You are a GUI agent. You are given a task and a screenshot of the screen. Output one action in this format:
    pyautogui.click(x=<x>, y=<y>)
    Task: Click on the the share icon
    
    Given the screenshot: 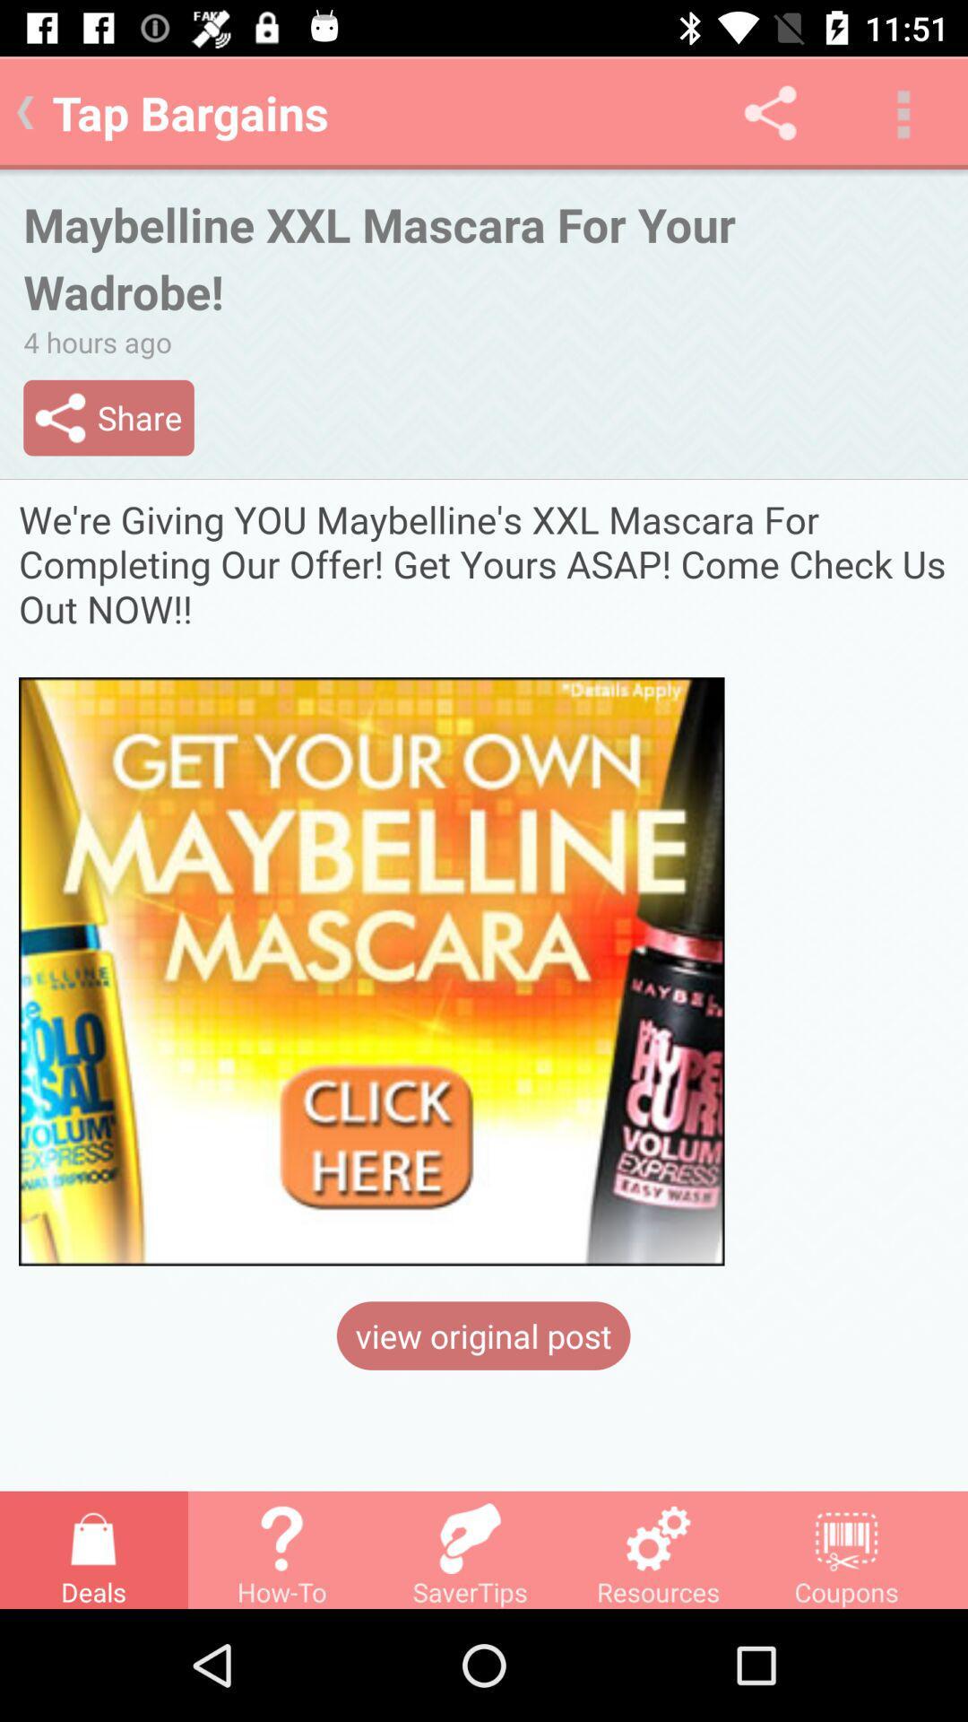 What is the action you would take?
    pyautogui.click(x=769, y=111)
    